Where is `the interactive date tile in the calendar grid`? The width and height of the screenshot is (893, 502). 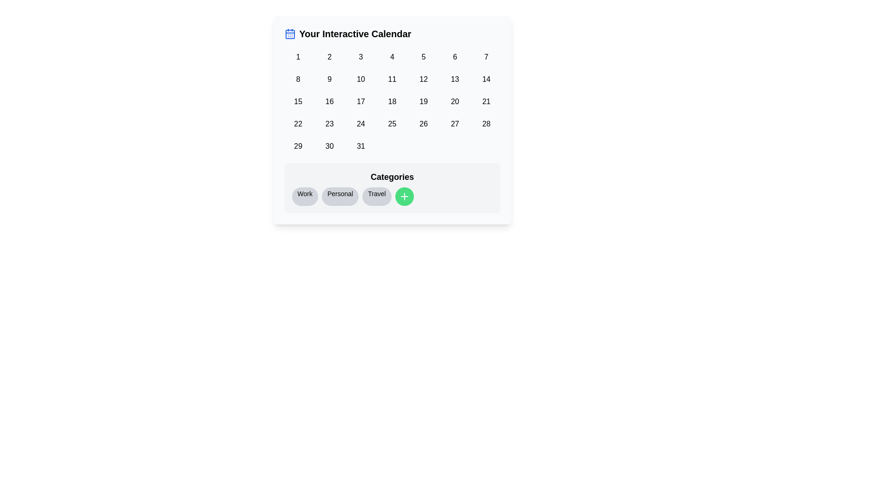
the interactive date tile in the calendar grid is located at coordinates (392, 102).